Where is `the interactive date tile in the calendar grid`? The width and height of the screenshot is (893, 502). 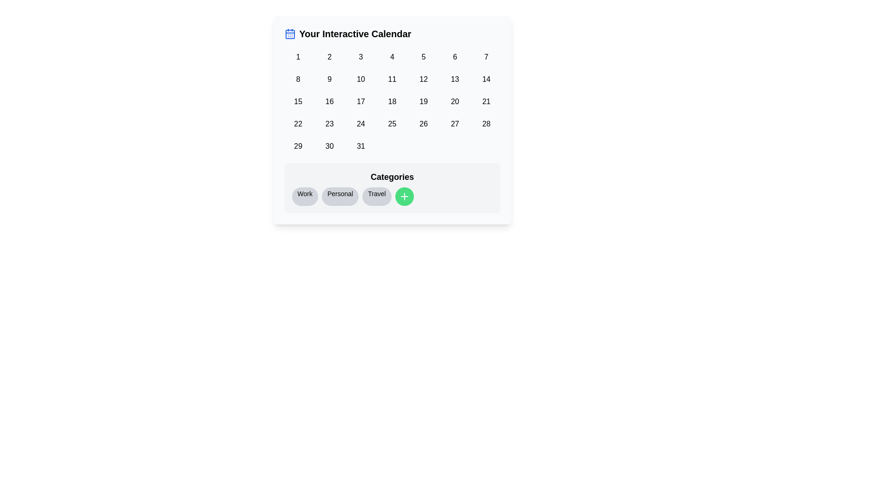
the interactive date tile in the calendar grid is located at coordinates (392, 102).